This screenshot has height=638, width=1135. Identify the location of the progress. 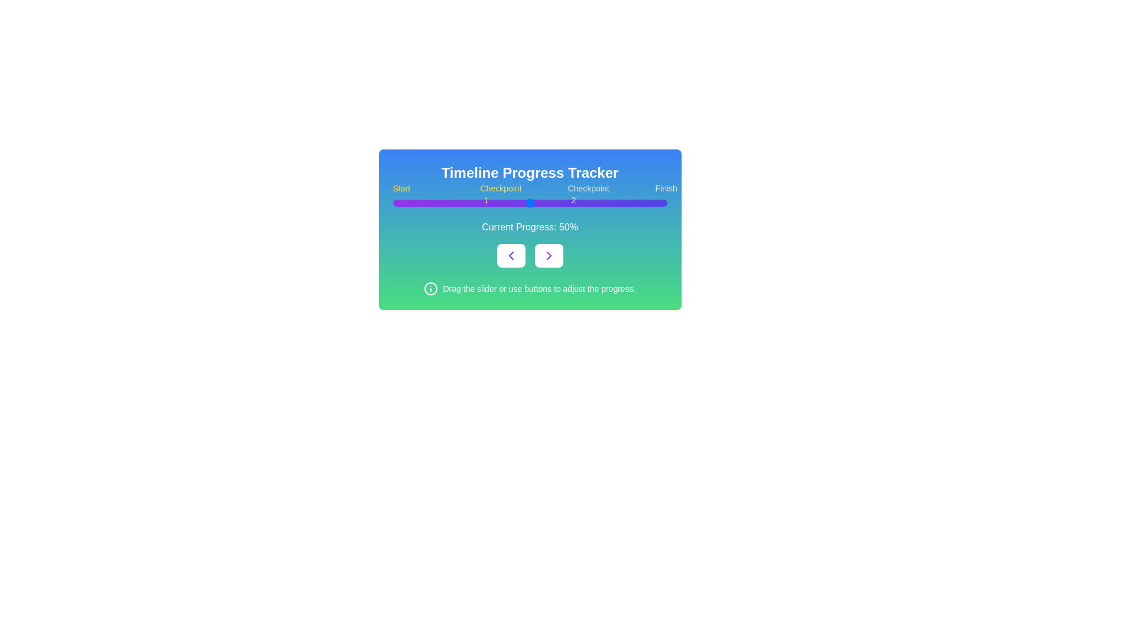
(658, 202).